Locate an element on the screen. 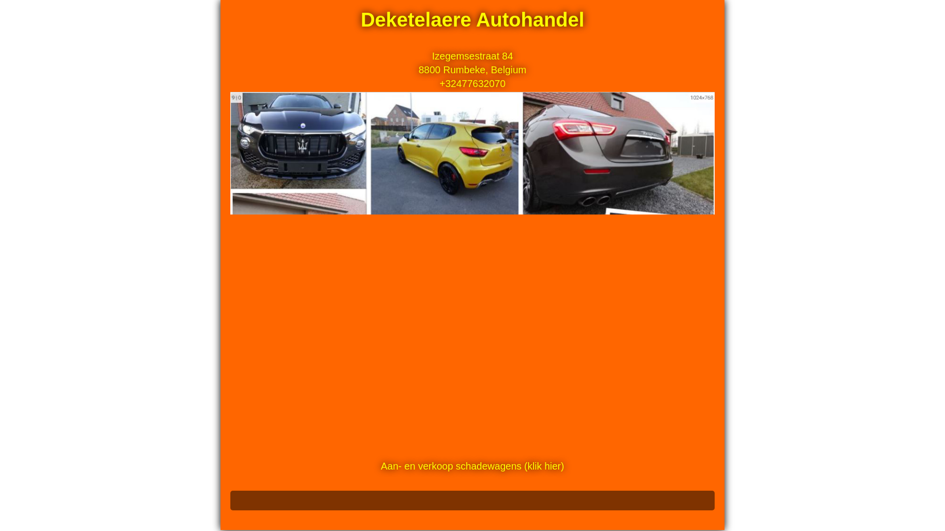 Image resolution: width=945 pixels, height=531 pixels. 'Aan- en verkoop schadewagens (klik hier)' is located at coordinates (472, 466).